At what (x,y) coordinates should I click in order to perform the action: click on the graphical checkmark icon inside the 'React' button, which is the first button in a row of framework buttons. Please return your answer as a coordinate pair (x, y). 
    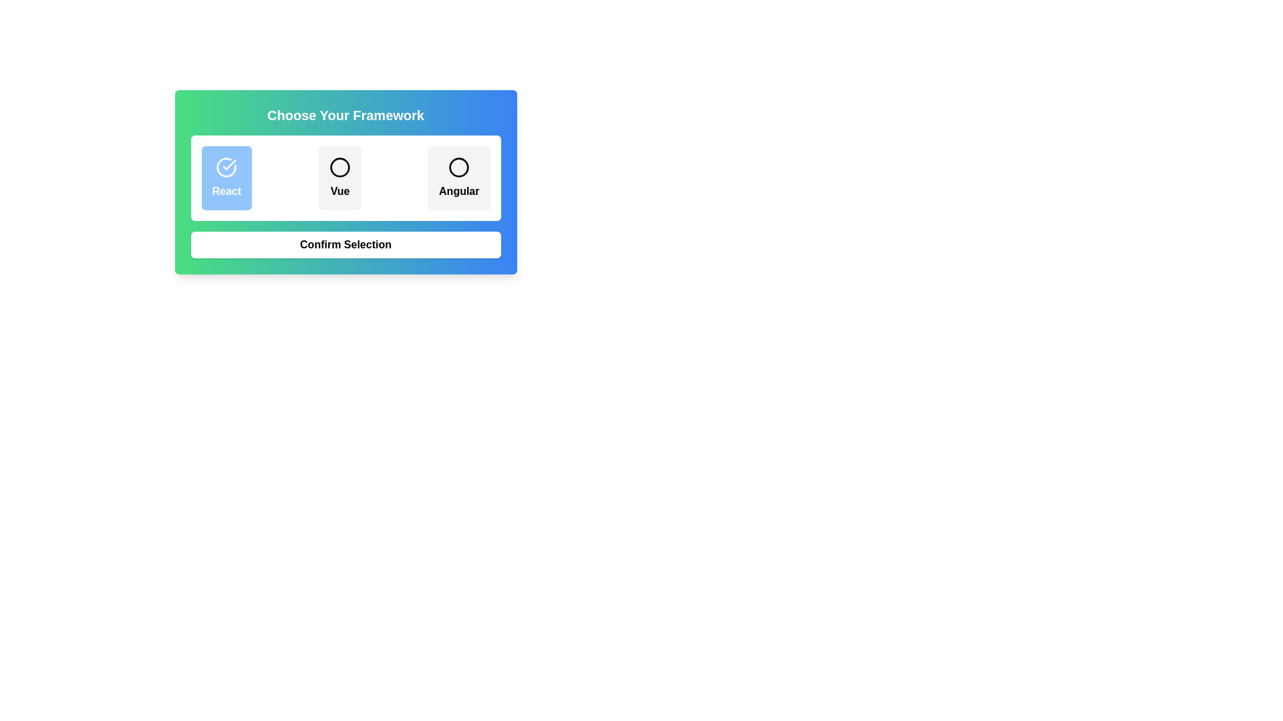
    Looking at the image, I should click on (227, 166).